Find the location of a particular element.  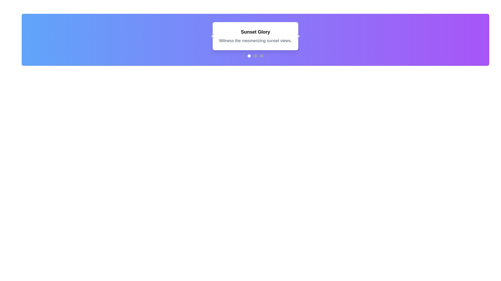

the middle gray indicator of the Carousel navigation indicator group is located at coordinates (255, 56).